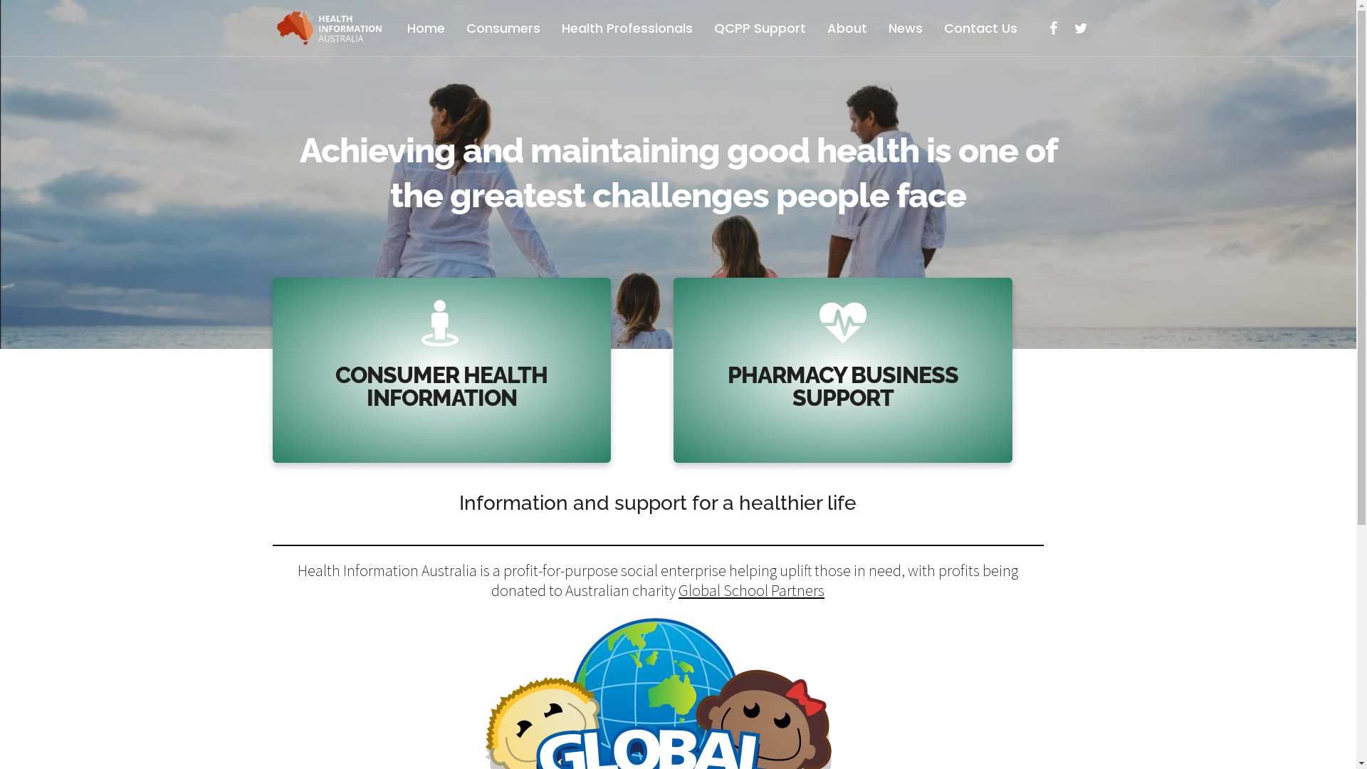  I want to click on 'Health Professionals', so click(627, 28).